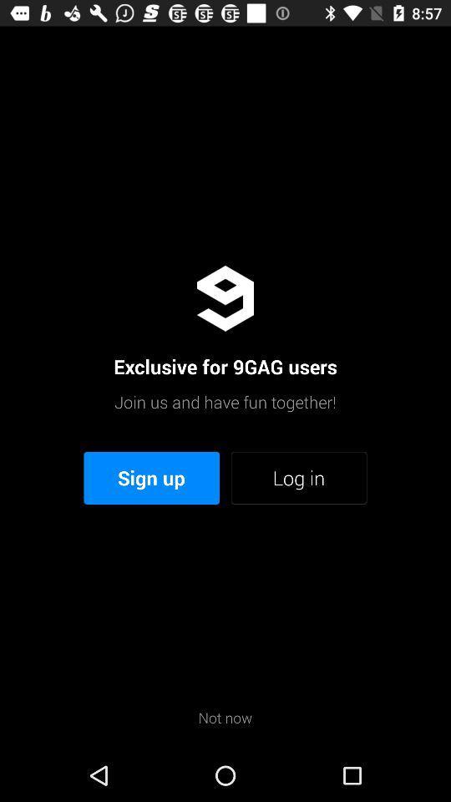 Image resolution: width=451 pixels, height=802 pixels. Describe the element at coordinates (151, 478) in the screenshot. I see `the icon below join us and item` at that location.